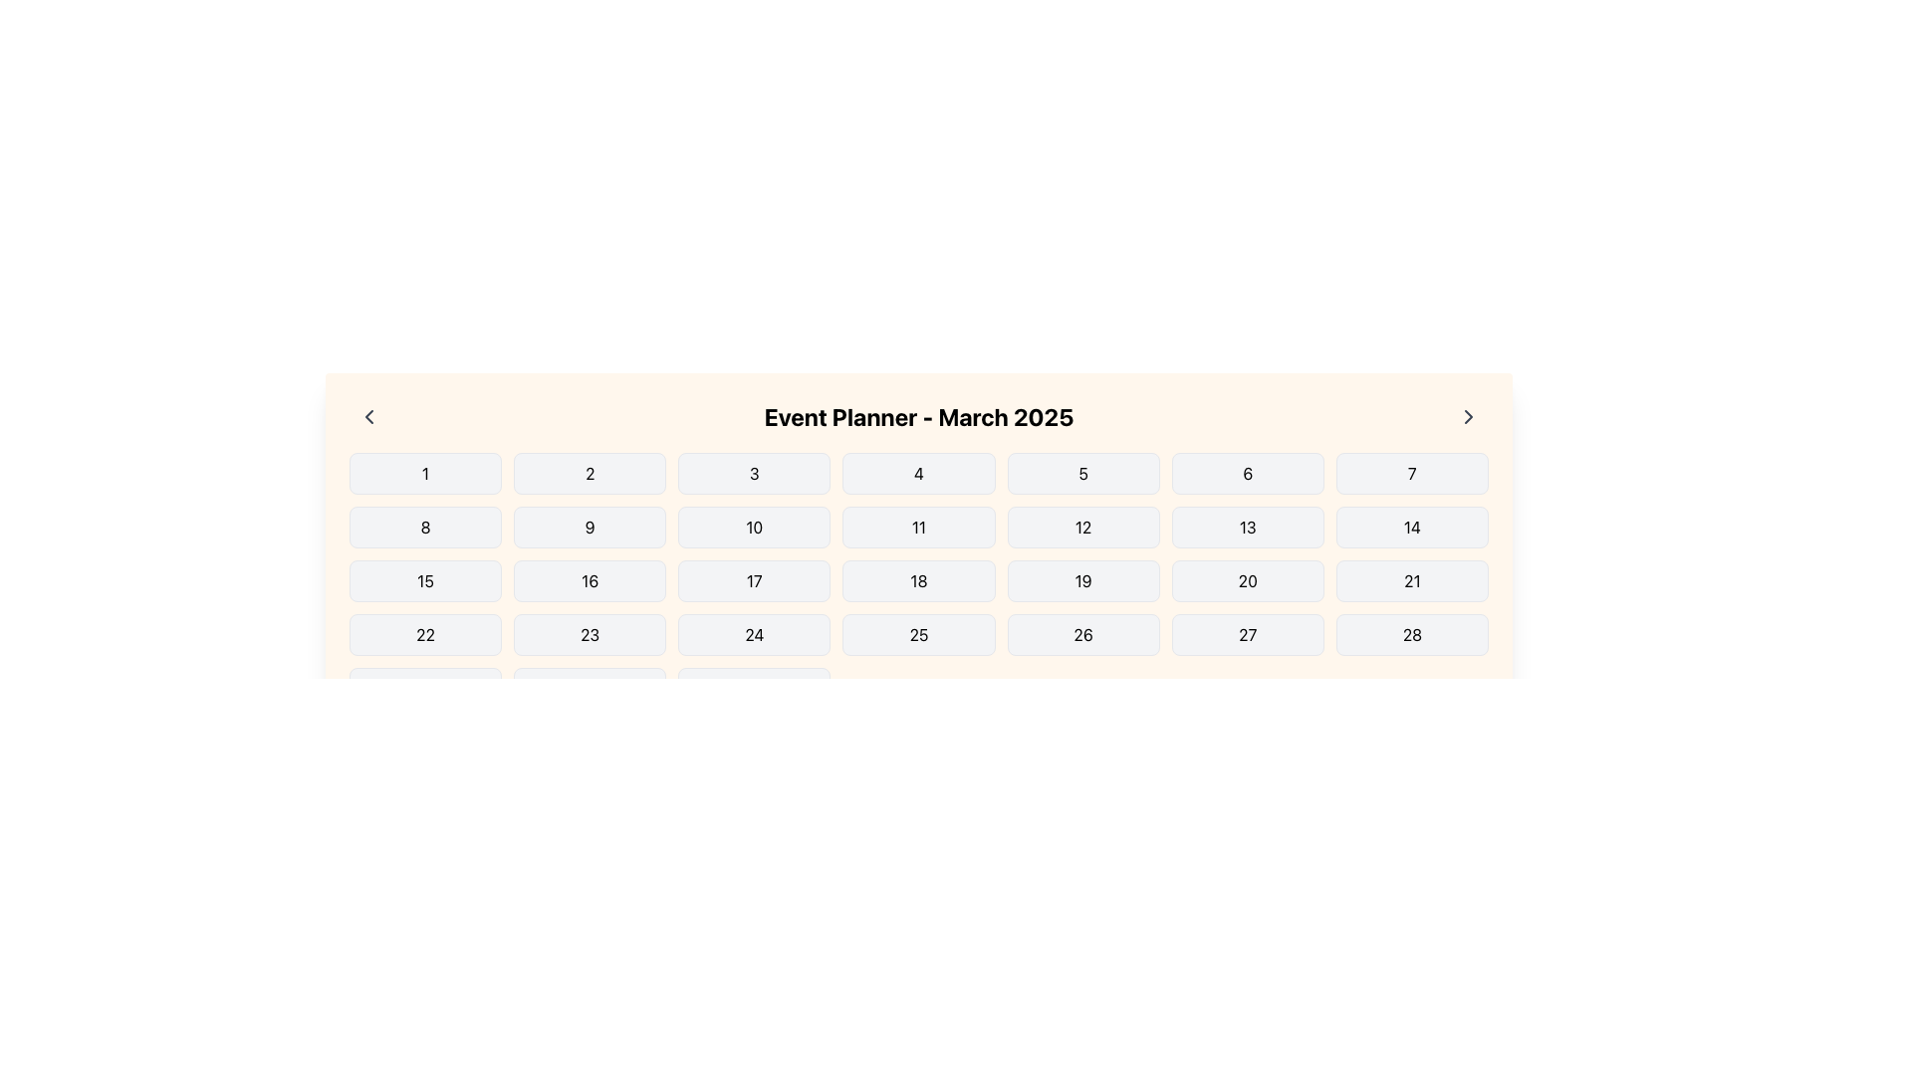 The image size is (1912, 1075). Describe the element at coordinates (1468, 416) in the screenshot. I see `the right-facing chevron icon button located on the right side of the header titled 'Event Planner - March 2025'` at that location.